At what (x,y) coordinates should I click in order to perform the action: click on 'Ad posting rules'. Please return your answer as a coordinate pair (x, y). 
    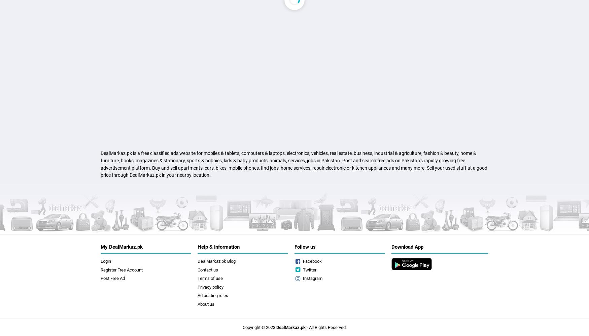
    Looking at the image, I should click on (212, 295).